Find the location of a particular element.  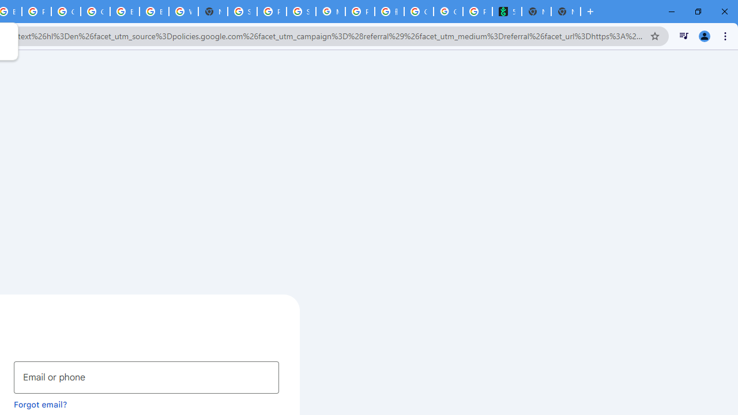

'Sign in - Google Accounts' is located at coordinates (242, 12).